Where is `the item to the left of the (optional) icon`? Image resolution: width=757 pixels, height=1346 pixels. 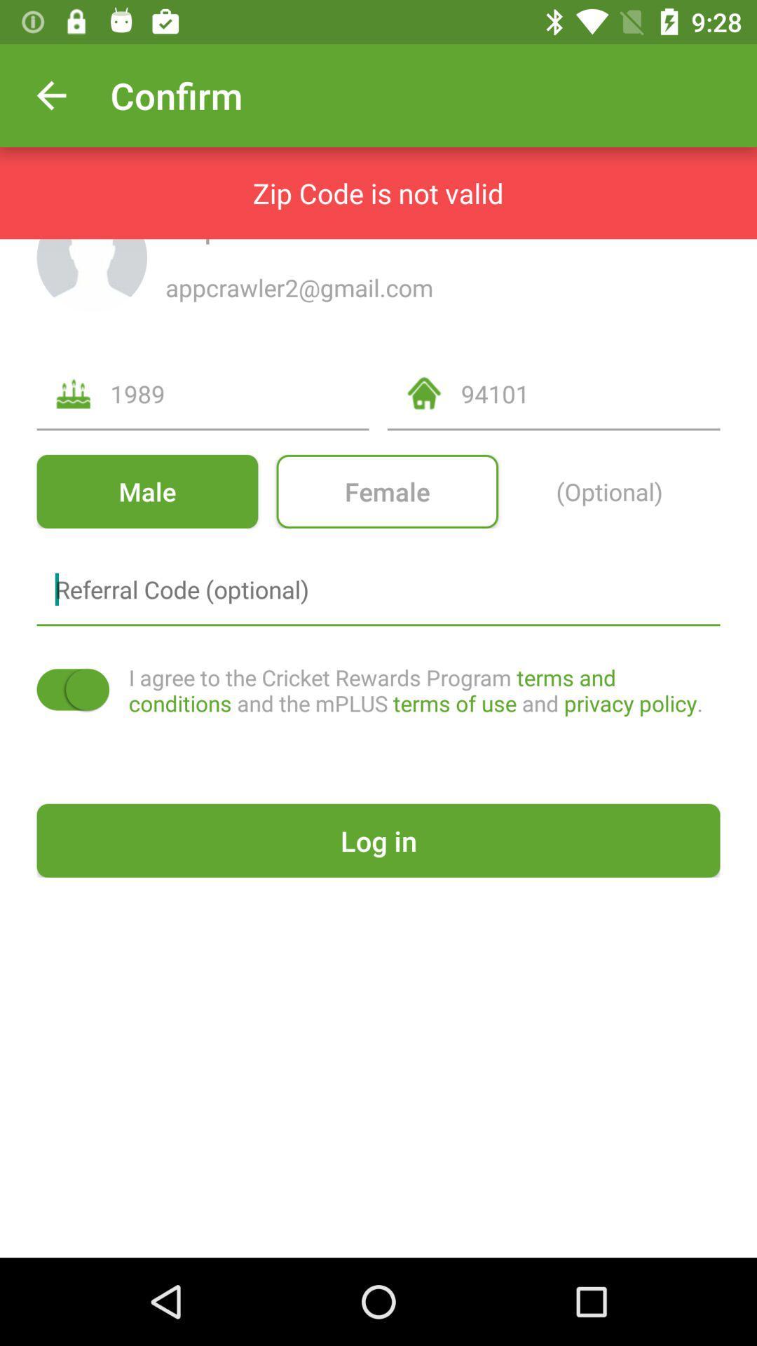
the item to the left of the (optional) icon is located at coordinates (387, 491).